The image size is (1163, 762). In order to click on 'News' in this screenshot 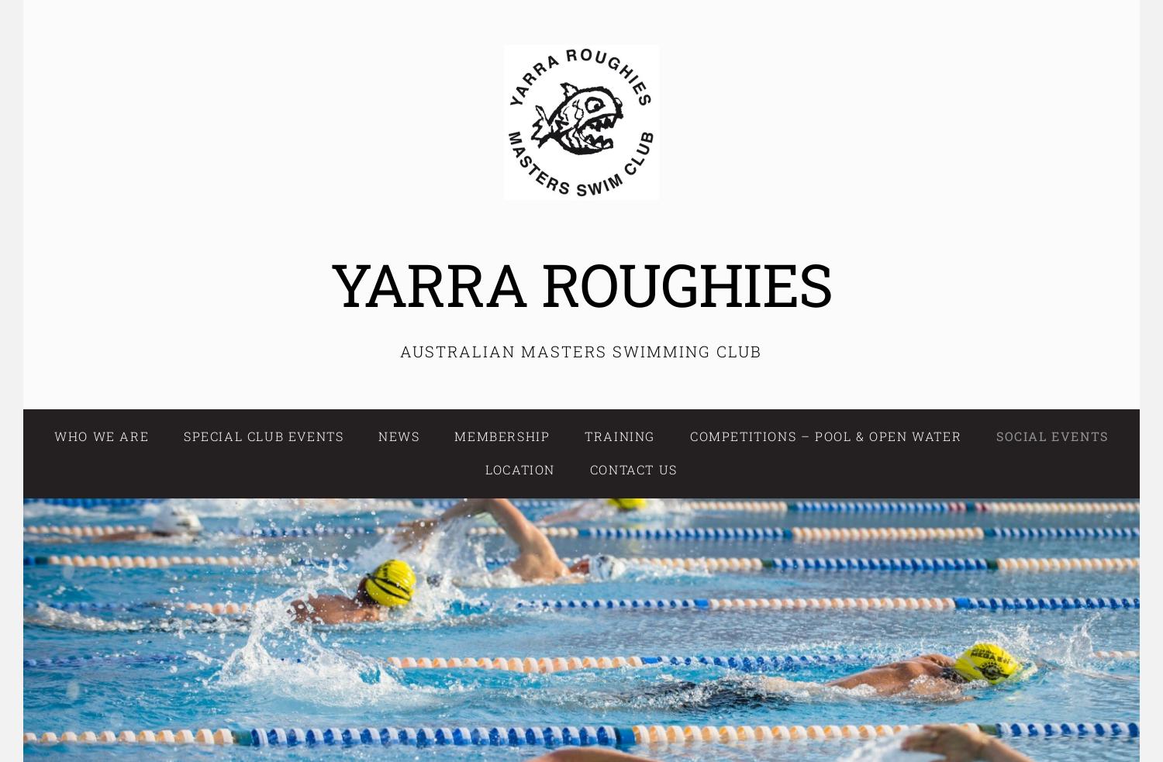, I will do `click(399, 436)`.